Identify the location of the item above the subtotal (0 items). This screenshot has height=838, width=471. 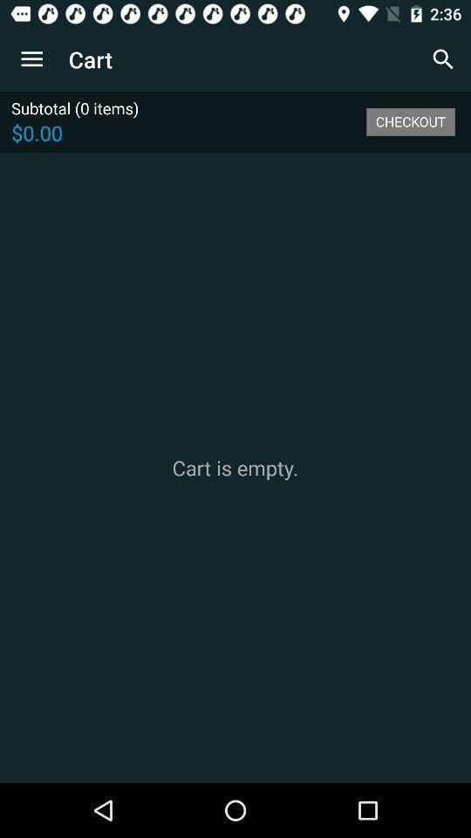
(31, 59).